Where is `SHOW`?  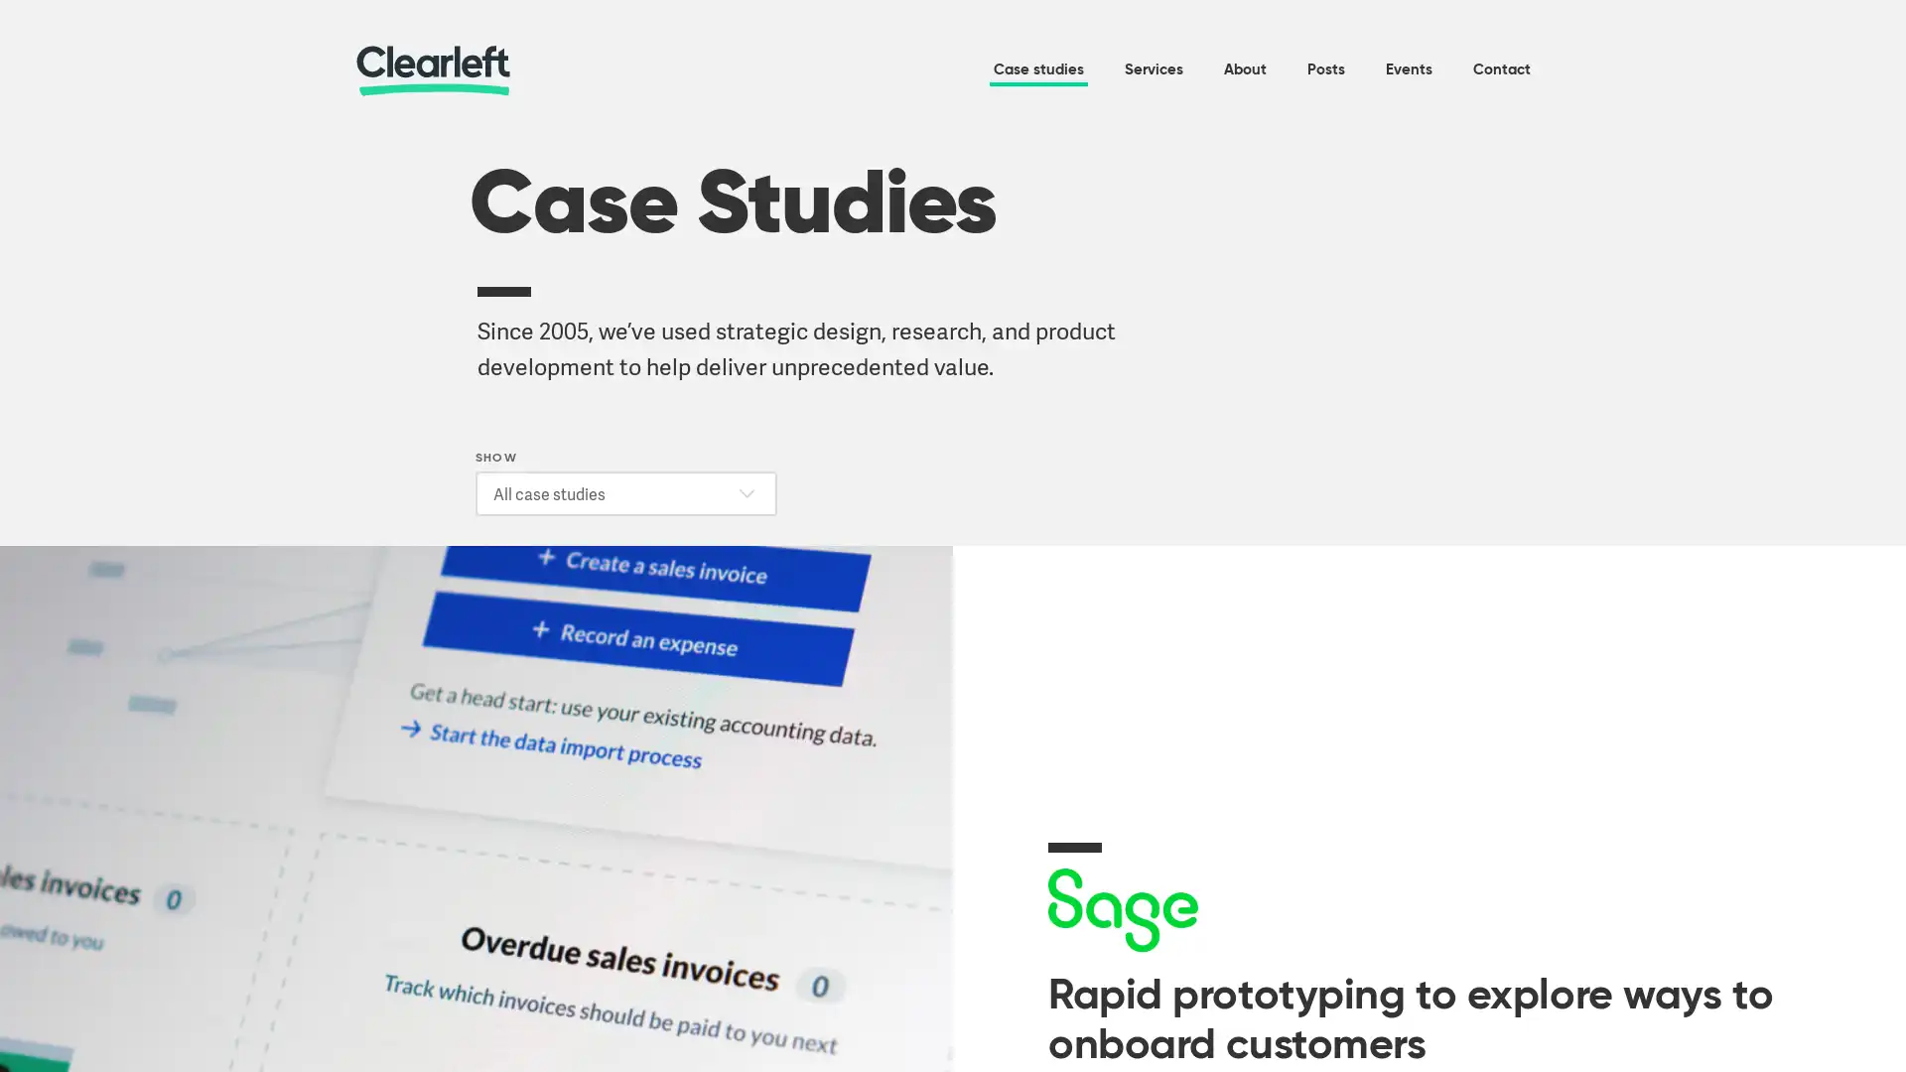 SHOW is located at coordinates (623, 492).